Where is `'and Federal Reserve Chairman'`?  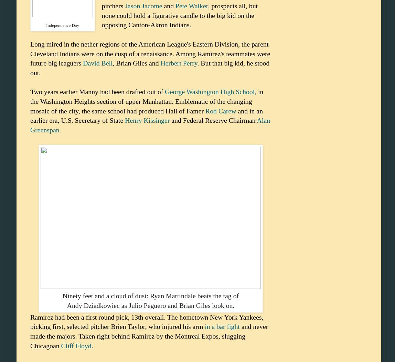 'and Federal Reserve Chairman' is located at coordinates (213, 120).